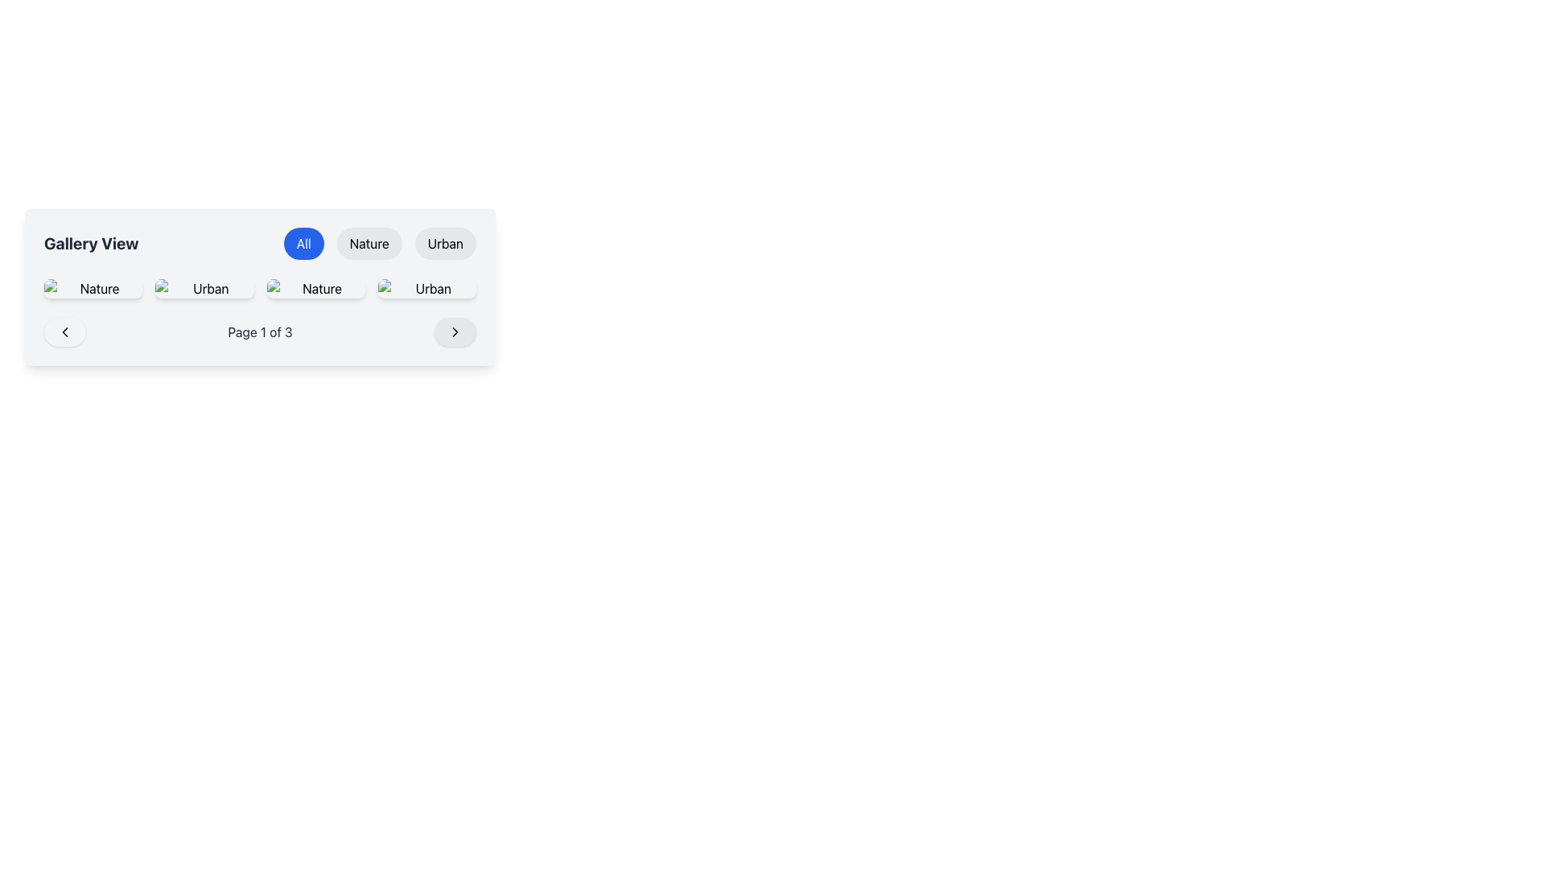 The image size is (1545, 869). What do you see at coordinates (64, 331) in the screenshot?
I see `the downward-pointing chevron arrow icon within the circular icon located in the lower-left corner of the content card` at bounding box center [64, 331].